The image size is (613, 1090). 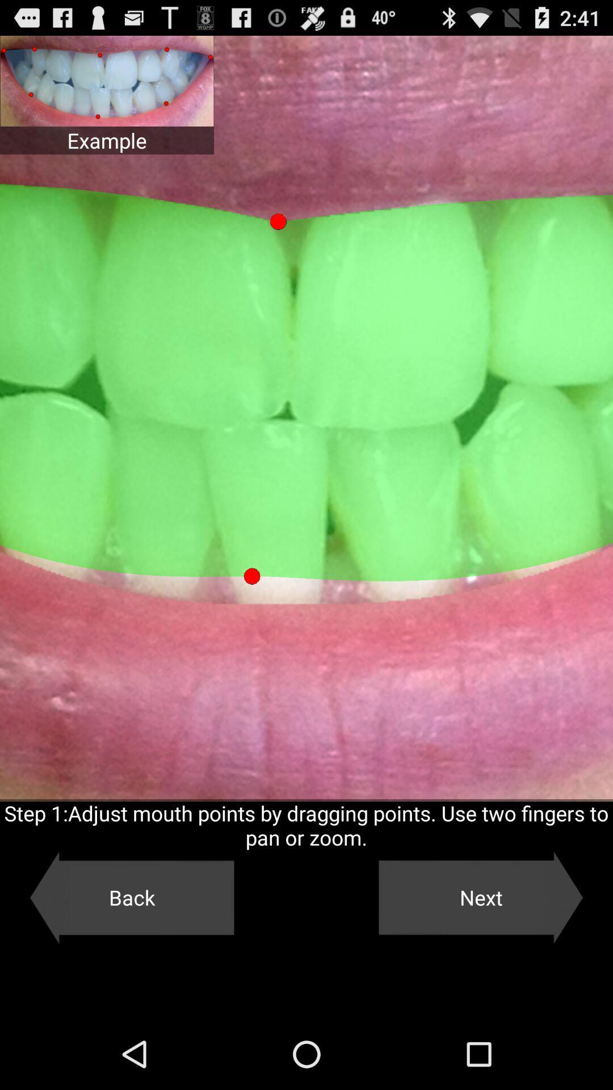 What do you see at coordinates (131, 897) in the screenshot?
I see `the item below step 1 adjust` at bounding box center [131, 897].